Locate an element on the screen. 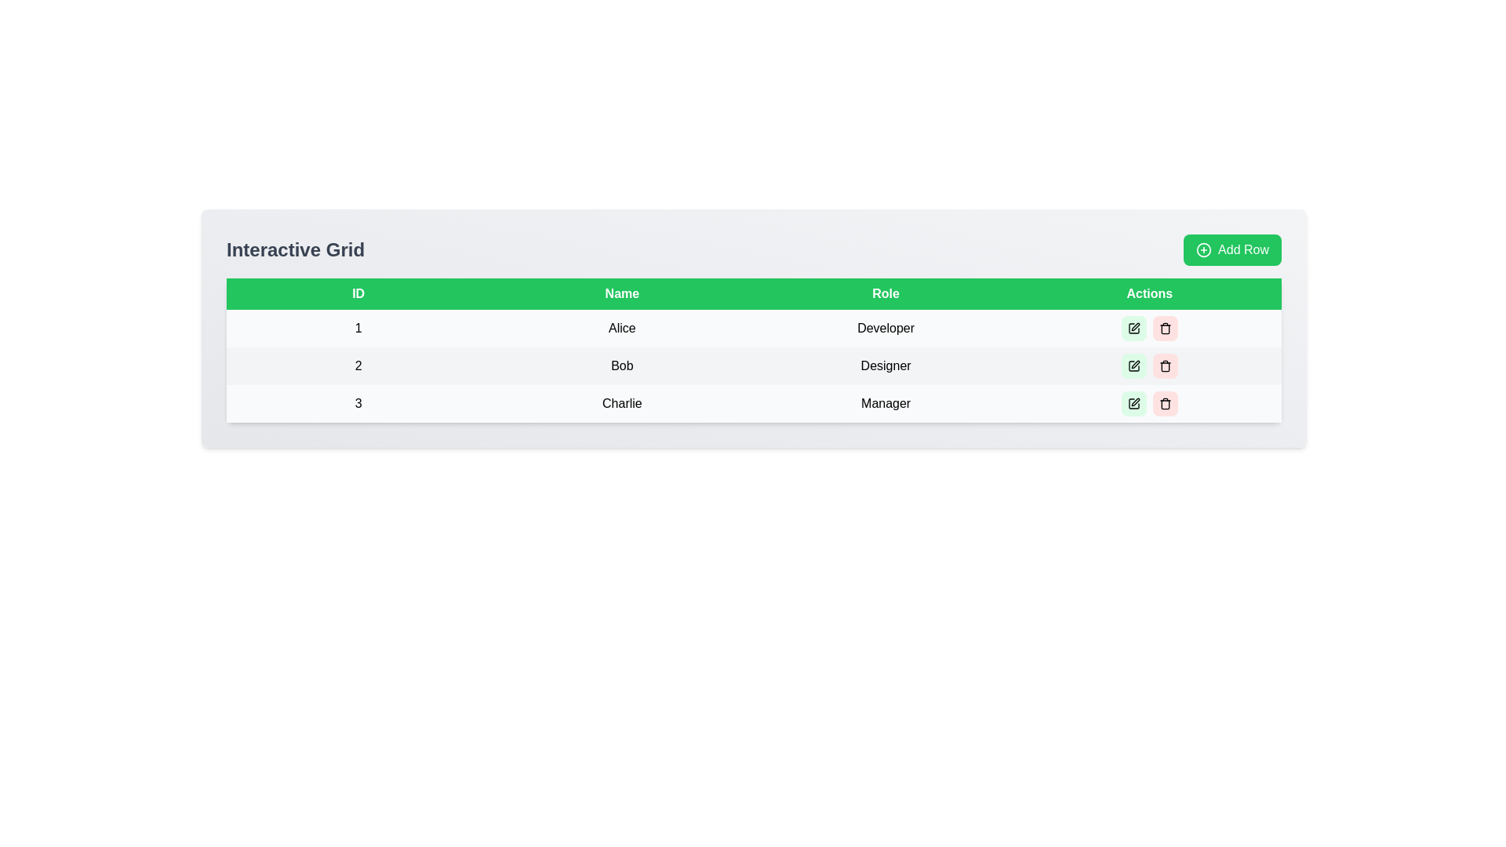 Image resolution: width=1506 pixels, height=847 pixels. the pen icon located in the 'Actions' column for 'Alice - Developer' is located at coordinates (1135, 325).